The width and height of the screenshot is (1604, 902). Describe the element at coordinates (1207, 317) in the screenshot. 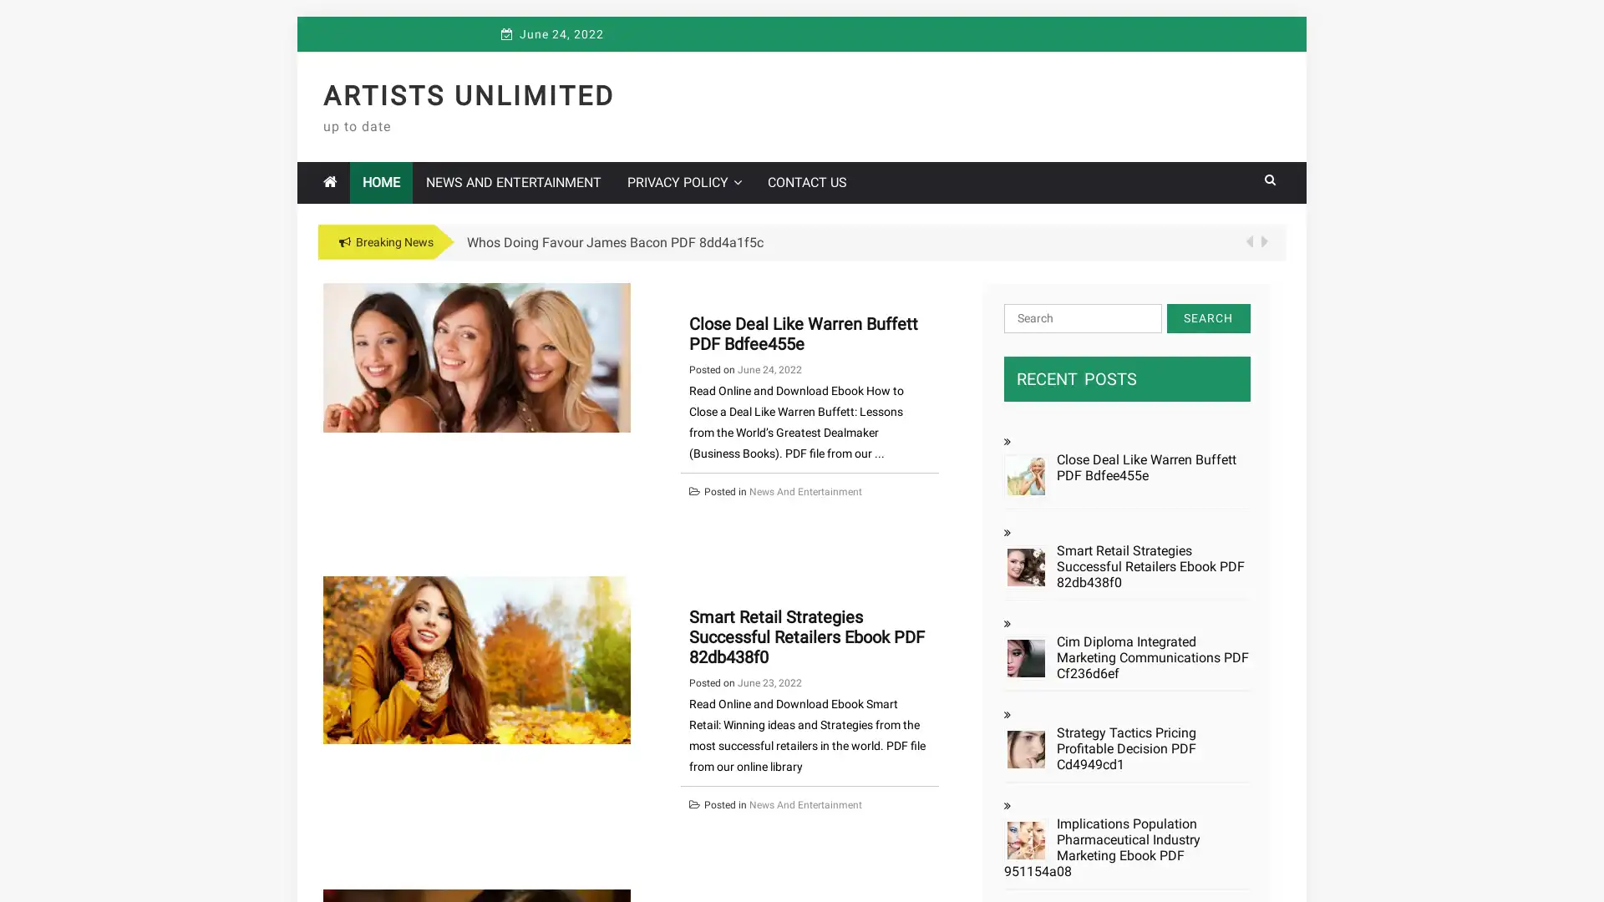

I see `Search` at that location.